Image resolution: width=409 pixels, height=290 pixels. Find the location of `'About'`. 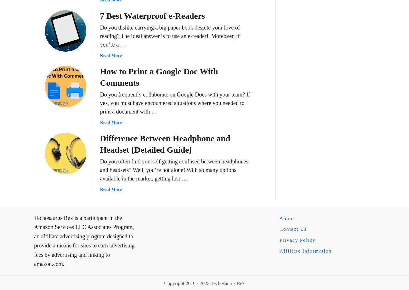

'About' is located at coordinates (287, 218).